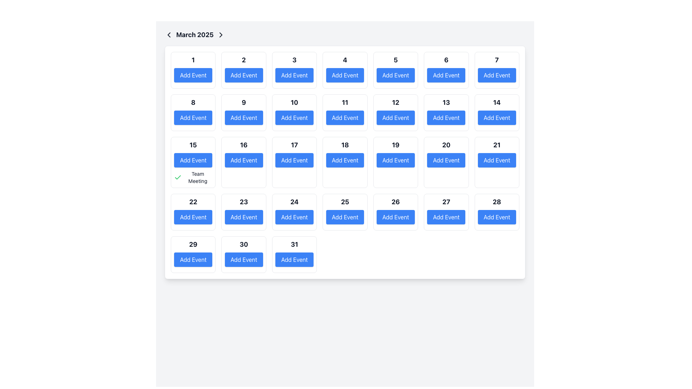  I want to click on the interactive button in the calendar day cell representing the 11th day of the month to observe potential hover effects, so click(345, 112).